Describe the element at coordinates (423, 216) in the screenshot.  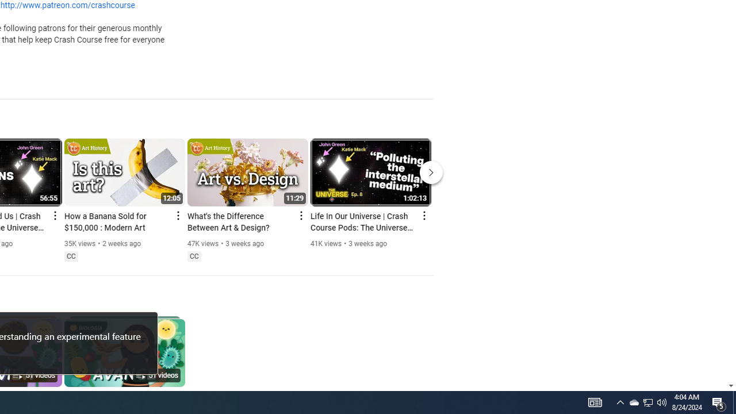
I see `'Action menu'` at that location.